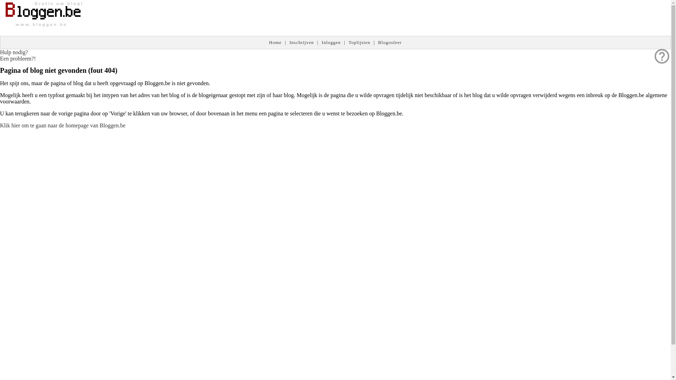  What do you see at coordinates (289, 42) in the screenshot?
I see `'Inschrijven'` at bounding box center [289, 42].